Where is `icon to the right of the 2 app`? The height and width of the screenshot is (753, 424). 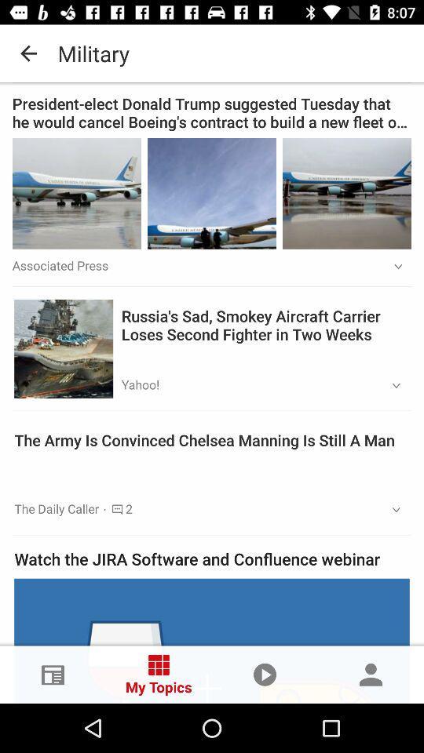 icon to the right of the 2 app is located at coordinates (390, 509).